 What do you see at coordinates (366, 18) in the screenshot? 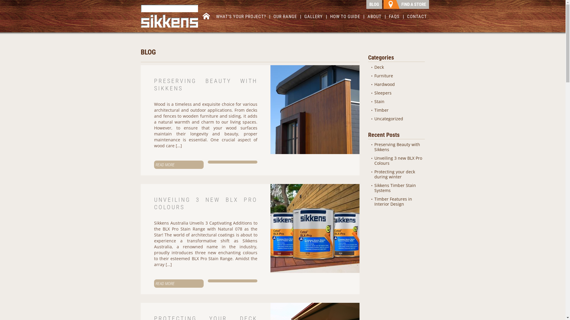
I see `'ABOUT'` at bounding box center [366, 18].